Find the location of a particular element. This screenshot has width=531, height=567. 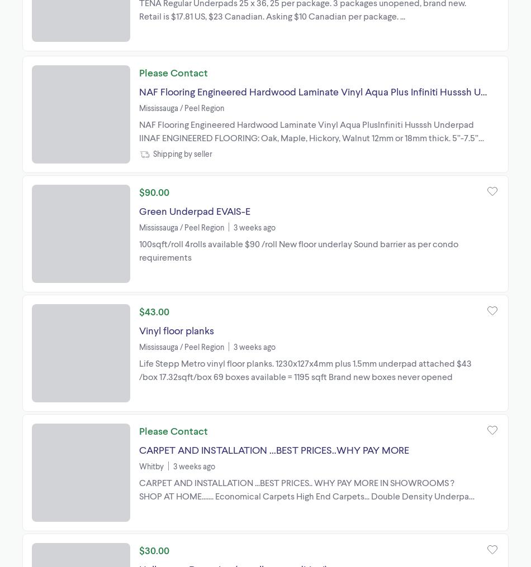

'Green Underpad EVAIS-E' is located at coordinates (194, 210).